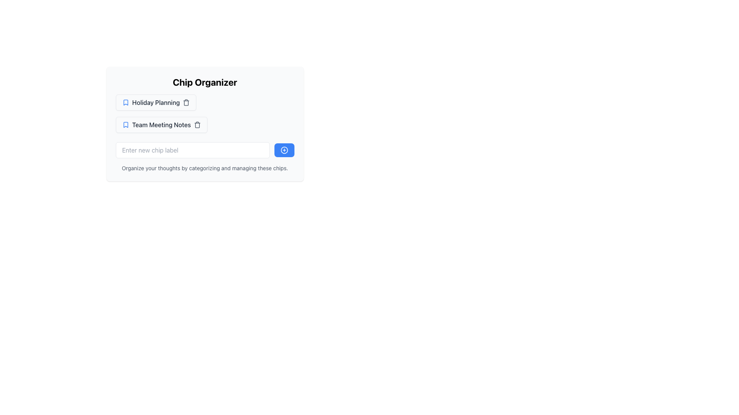  Describe the element at coordinates (125, 124) in the screenshot. I see `the small light blue bookmark icon located to the left of the text 'Team Meeting Notes' in the 'Holiday Planning' section` at that location.